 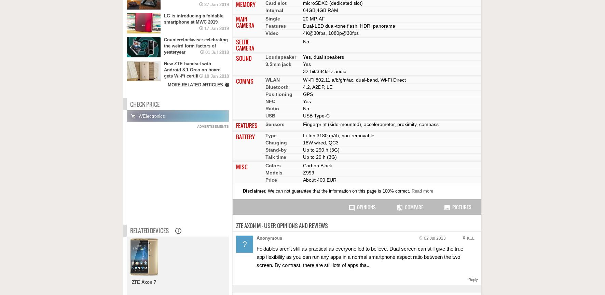 What do you see at coordinates (245, 136) in the screenshot?
I see `'Battery'` at bounding box center [245, 136].